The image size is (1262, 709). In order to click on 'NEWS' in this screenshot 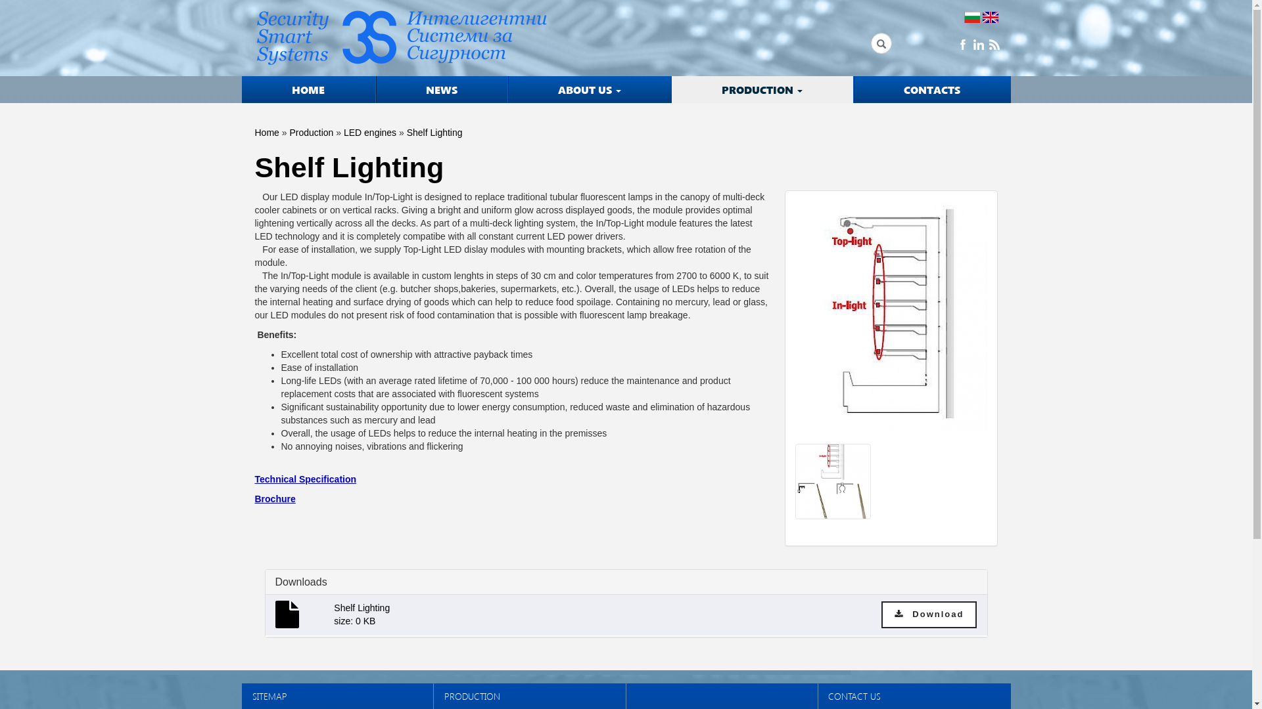, I will do `click(441, 89)`.